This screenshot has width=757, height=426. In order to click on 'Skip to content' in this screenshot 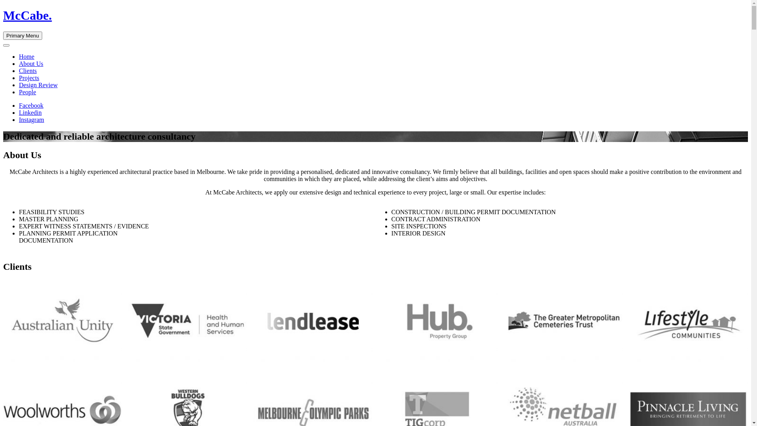, I will do `click(2, 8)`.